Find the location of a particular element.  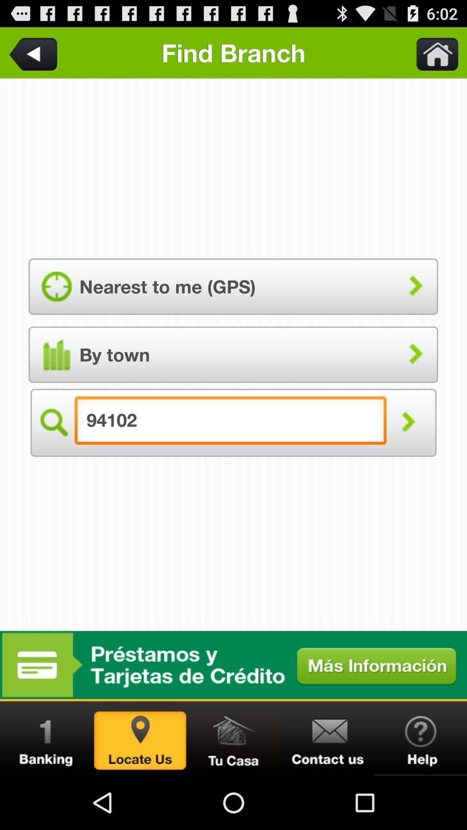

click more information is located at coordinates (233, 664).